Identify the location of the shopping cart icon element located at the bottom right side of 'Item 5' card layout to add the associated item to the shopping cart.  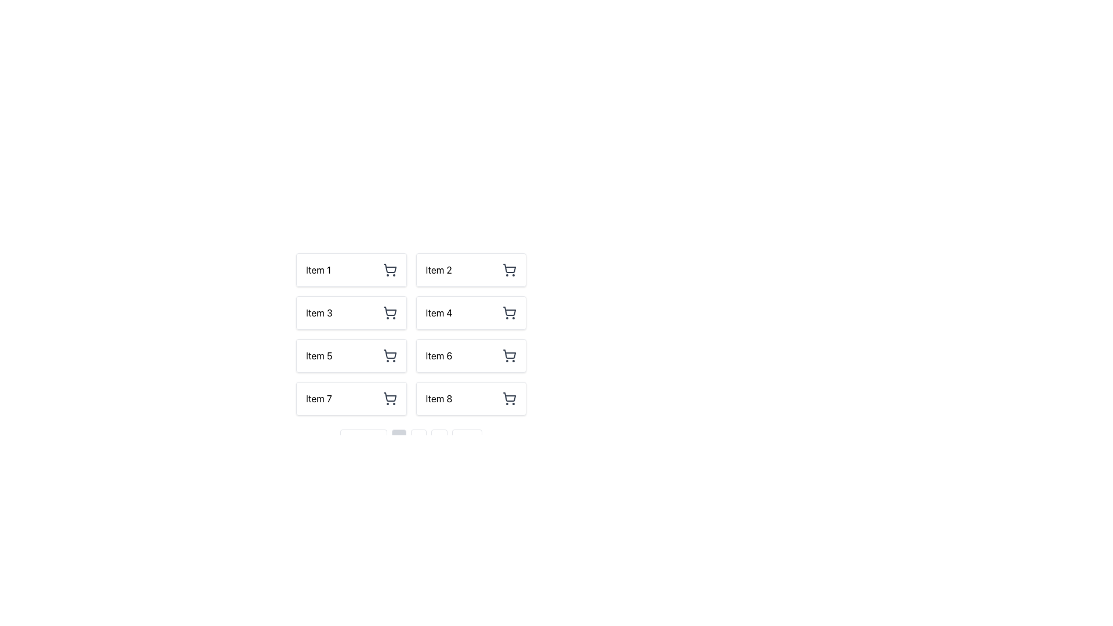
(390, 354).